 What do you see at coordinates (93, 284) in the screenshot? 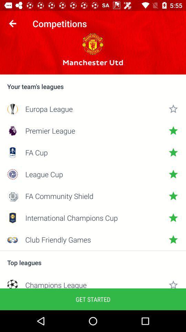
I see `the item below top leagues item` at bounding box center [93, 284].